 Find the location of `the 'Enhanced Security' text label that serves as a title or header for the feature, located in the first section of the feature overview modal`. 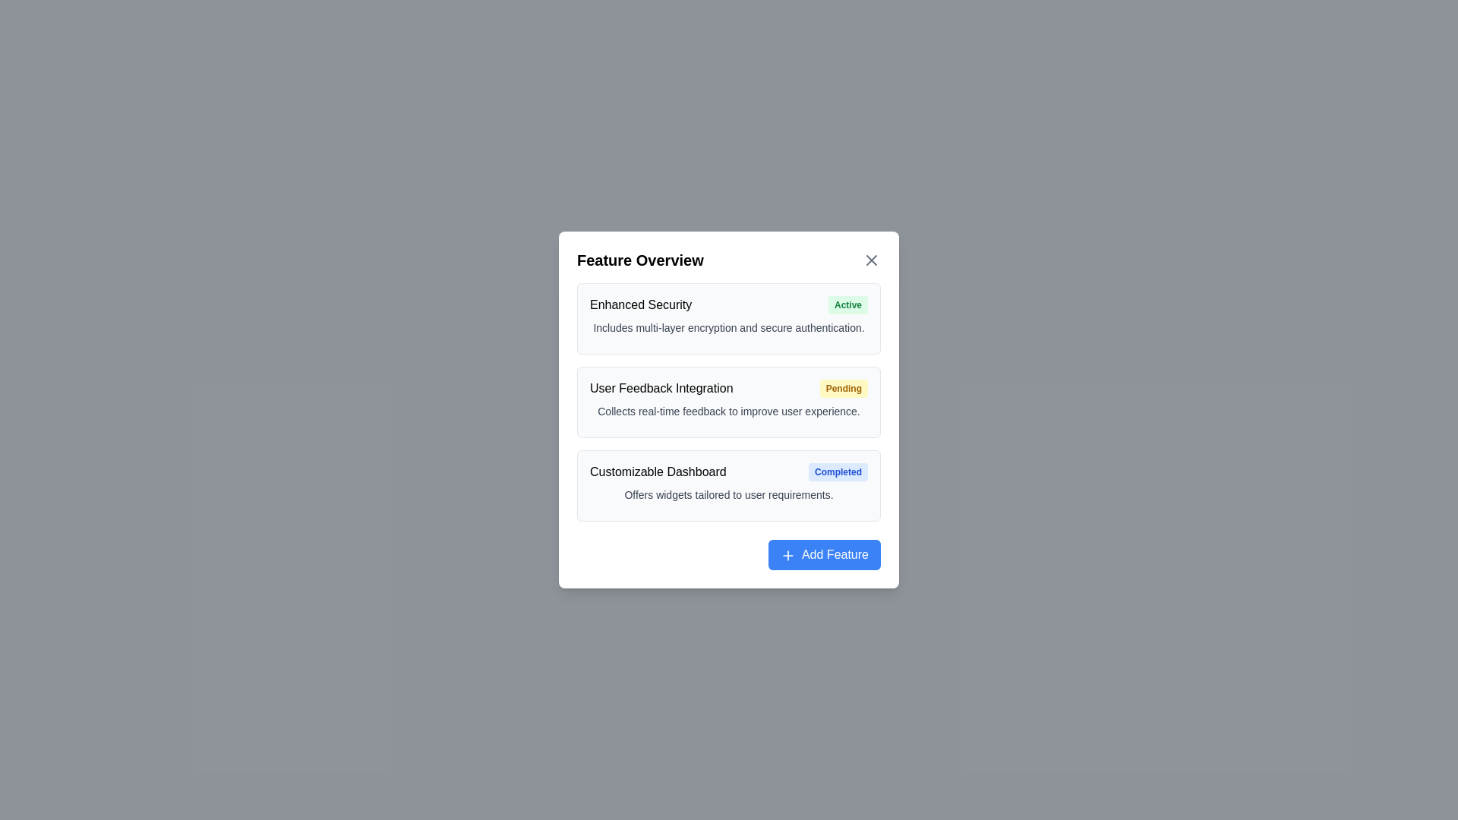

the 'Enhanced Security' text label that serves as a title or header for the feature, located in the first section of the feature overview modal is located at coordinates (641, 304).